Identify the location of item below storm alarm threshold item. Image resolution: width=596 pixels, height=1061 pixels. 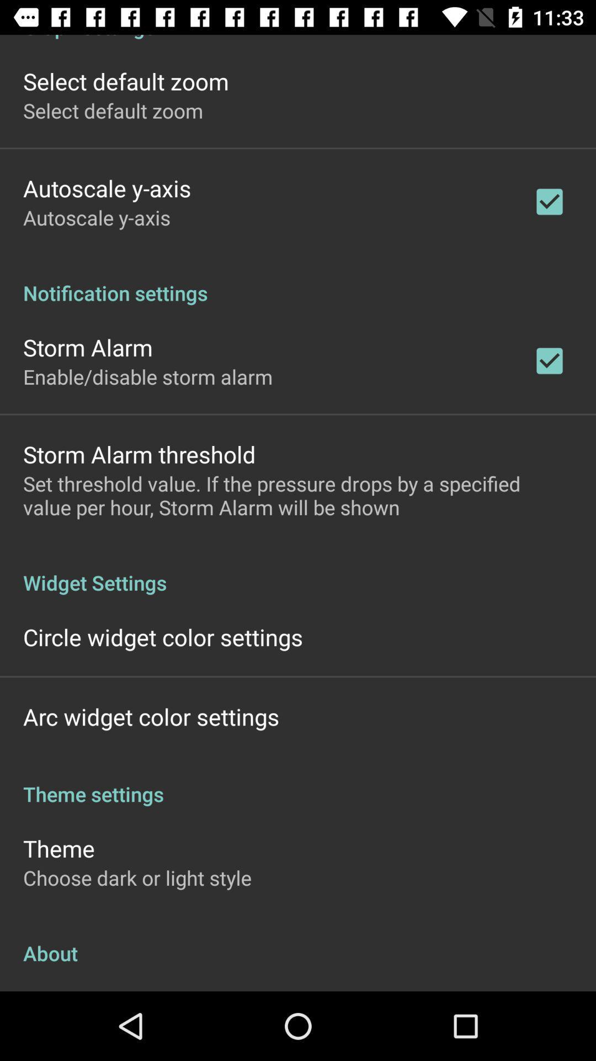
(298, 495).